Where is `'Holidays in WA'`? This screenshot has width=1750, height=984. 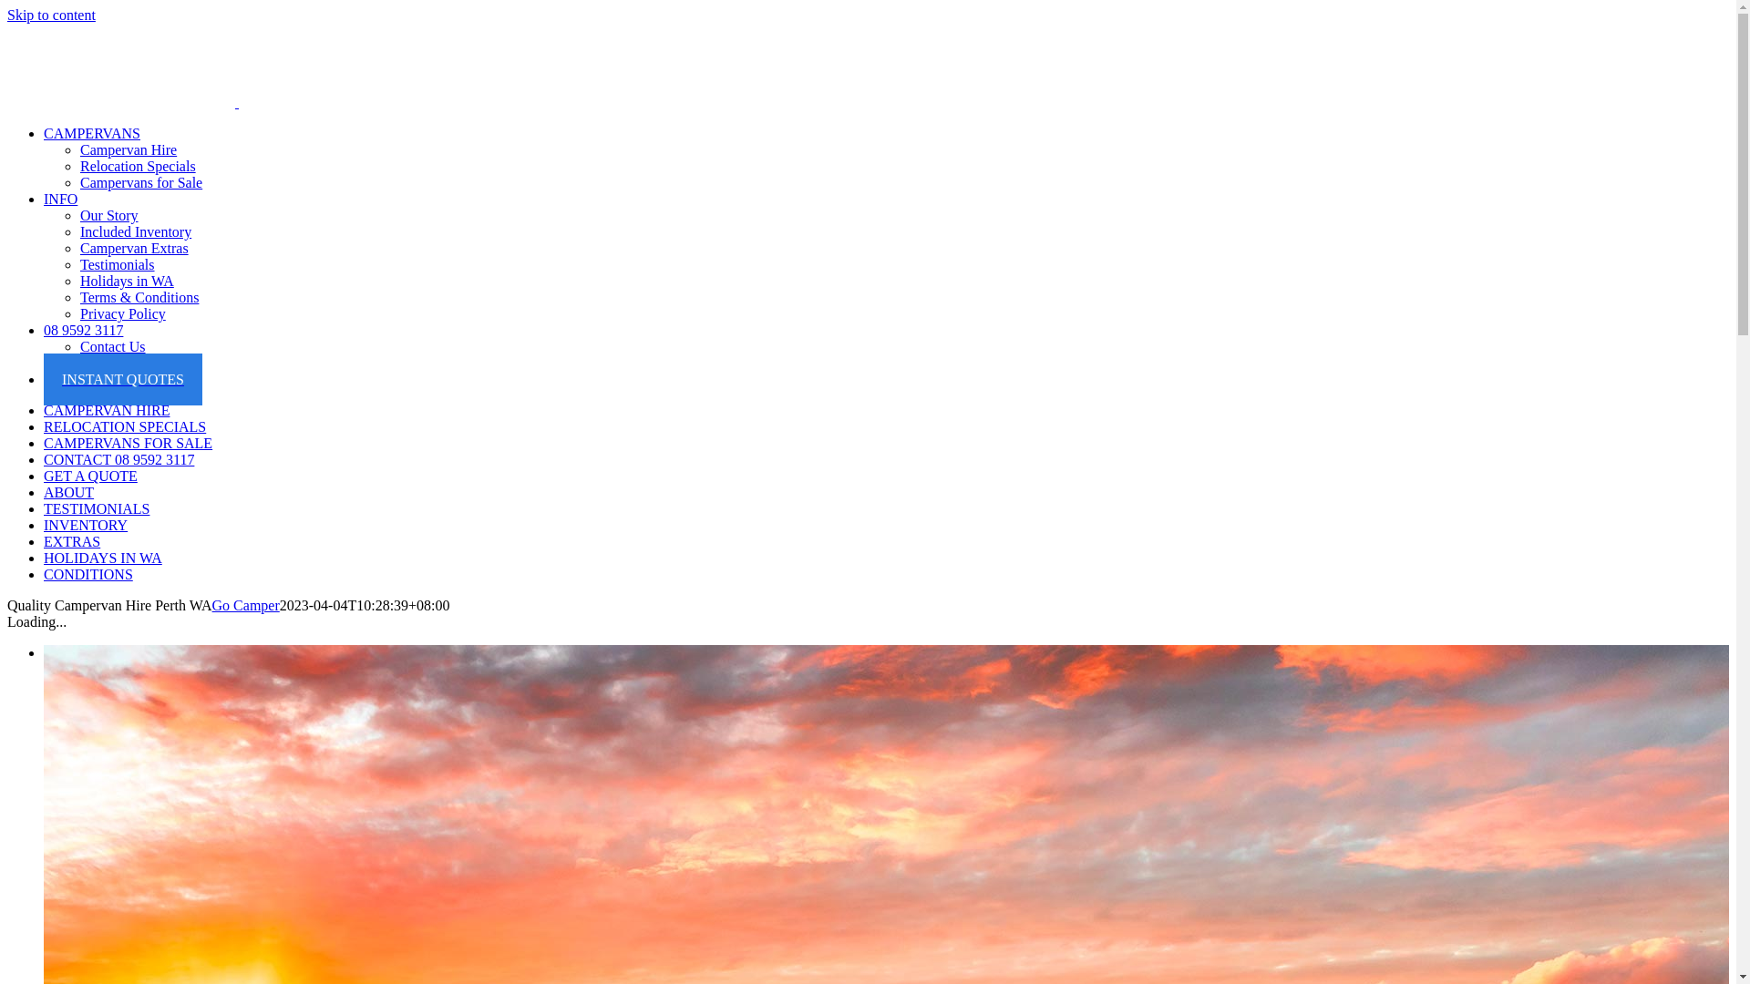 'Holidays in WA' is located at coordinates (78, 281).